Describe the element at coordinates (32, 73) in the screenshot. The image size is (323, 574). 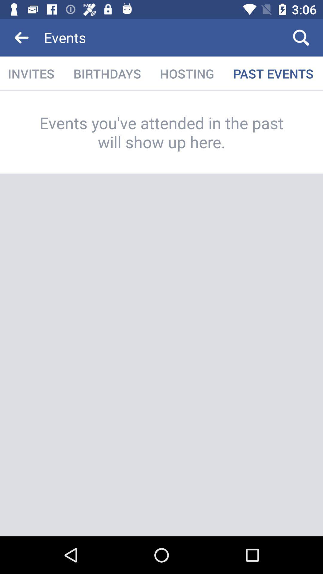
I see `the icon above events you ve` at that location.